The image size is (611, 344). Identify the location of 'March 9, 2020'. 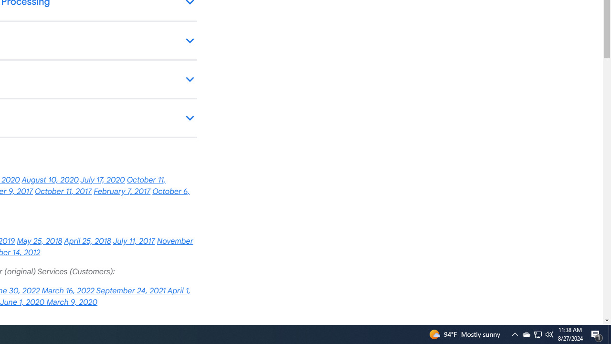
(72, 302).